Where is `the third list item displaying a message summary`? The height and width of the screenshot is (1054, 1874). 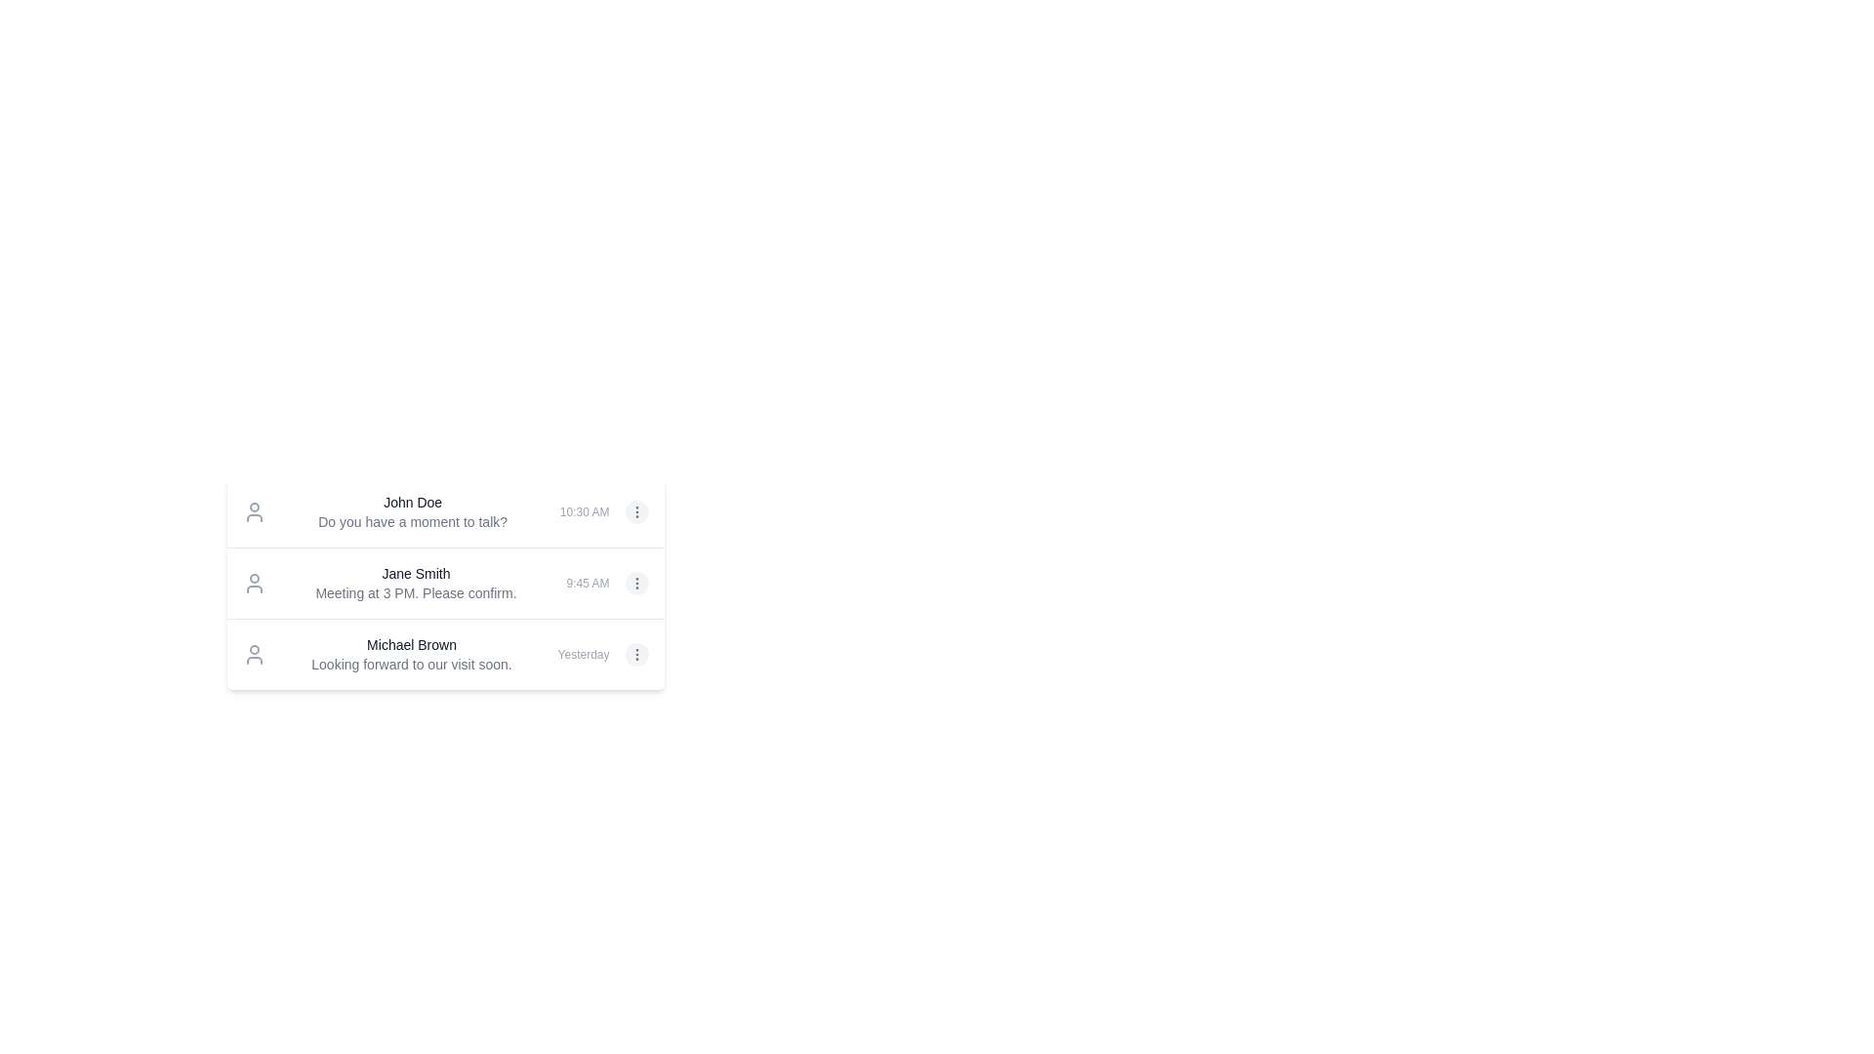 the third list item displaying a message summary is located at coordinates (444, 654).